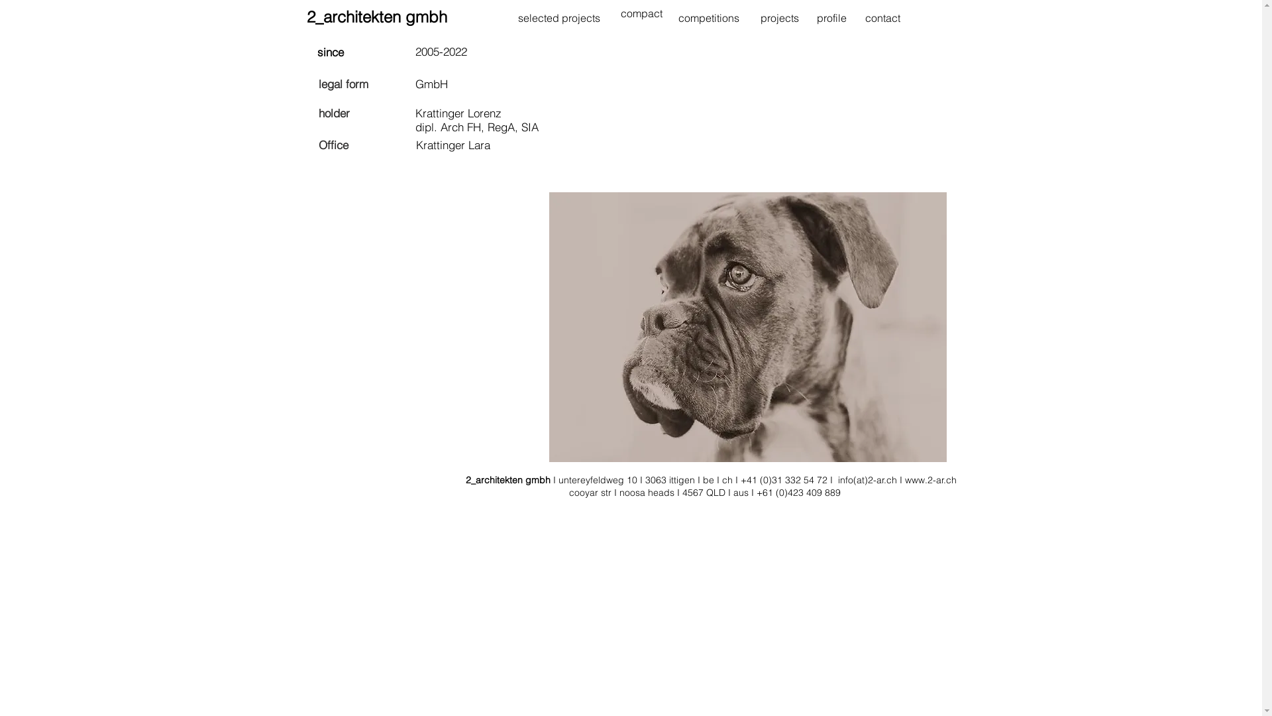 The image size is (1272, 716). Describe the element at coordinates (305, 17) in the screenshot. I see `'2_architekten gmbh'` at that location.